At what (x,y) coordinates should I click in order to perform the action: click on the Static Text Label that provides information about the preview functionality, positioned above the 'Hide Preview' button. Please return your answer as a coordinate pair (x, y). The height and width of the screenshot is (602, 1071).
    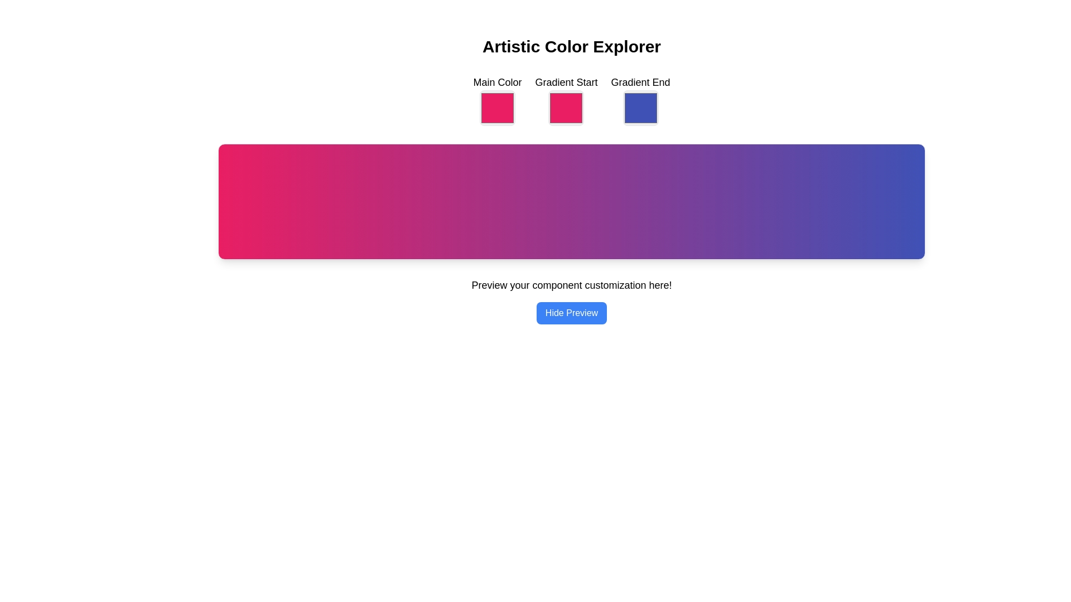
    Looking at the image, I should click on (572, 285).